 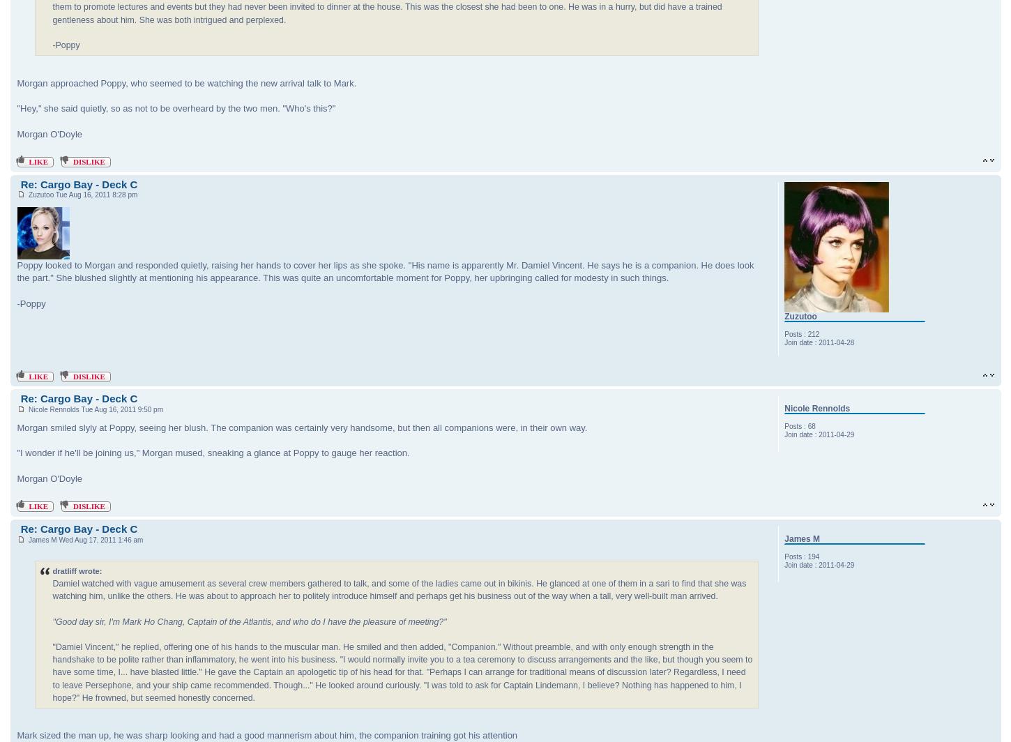 What do you see at coordinates (812, 556) in the screenshot?
I see `'194'` at bounding box center [812, 556].